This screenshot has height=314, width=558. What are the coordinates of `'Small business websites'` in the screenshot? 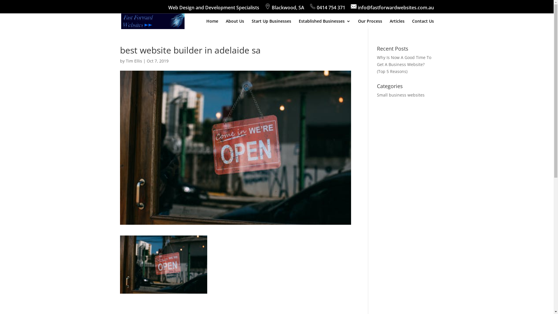 It's located at (400, 94).